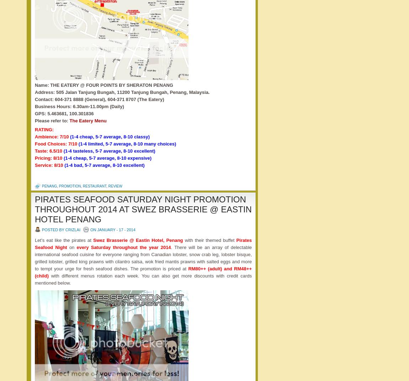 This screenshot has width=409, height=381. What do you see at coordinates (143, 272) in the screenshot?
I see `'RM80++ (adult) and RM48++ (child)'` at bounding box center [143, 272].